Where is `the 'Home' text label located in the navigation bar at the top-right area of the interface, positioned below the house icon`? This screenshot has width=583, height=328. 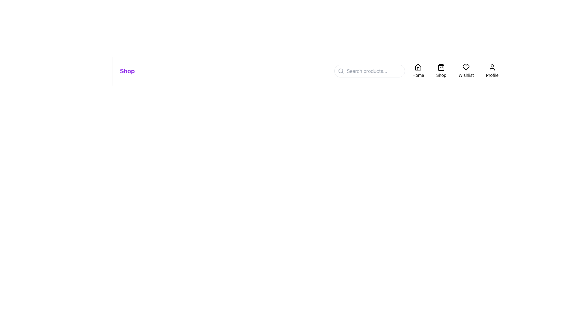 the 'Home' text label located in the navigation bar at the top-right area of the interface, positioned below the house icon is located at coordinates (418, 75).